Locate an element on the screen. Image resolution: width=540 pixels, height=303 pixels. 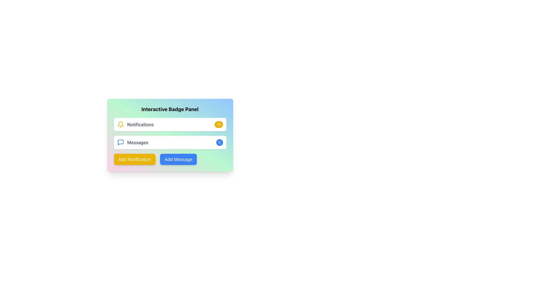
the circular badge with a yellow background and white text displaying '10', located at the right end of the row labeled 'Notifications' is located at coordinates (218, 124).